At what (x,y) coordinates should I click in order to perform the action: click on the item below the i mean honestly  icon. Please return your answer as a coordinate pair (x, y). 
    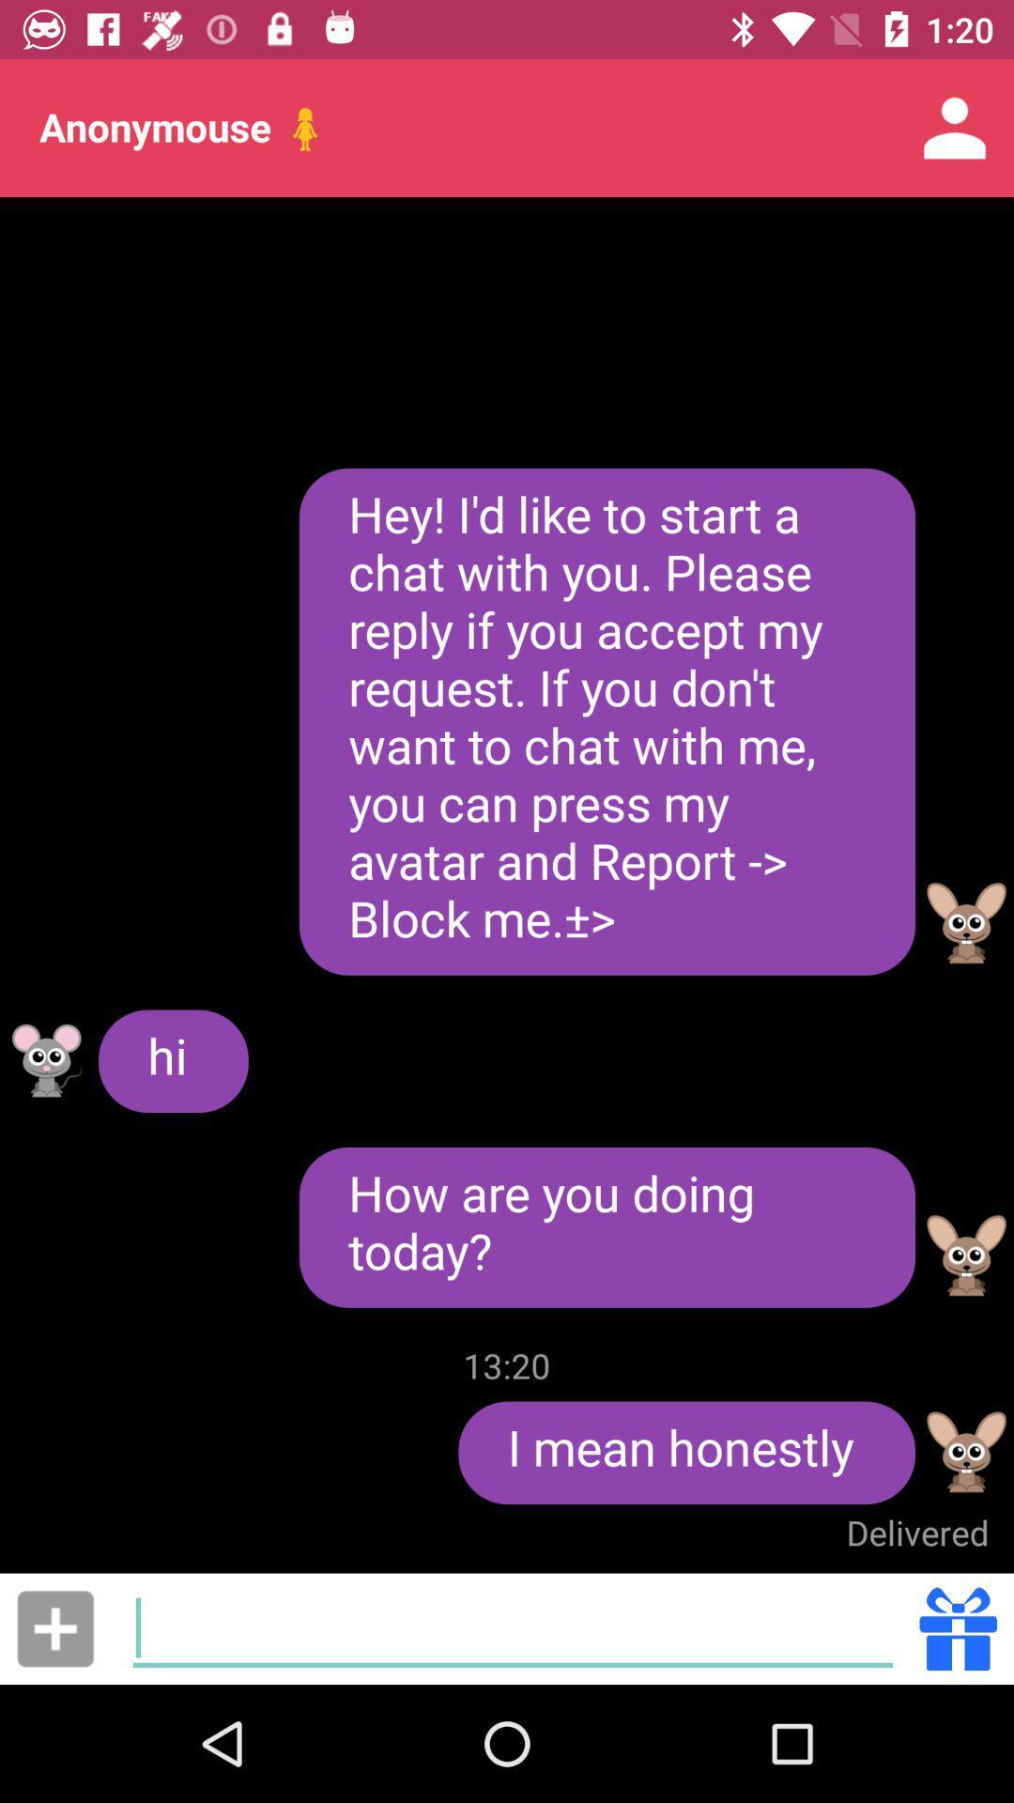
    Looking at the image, I should click on (916, 1533).